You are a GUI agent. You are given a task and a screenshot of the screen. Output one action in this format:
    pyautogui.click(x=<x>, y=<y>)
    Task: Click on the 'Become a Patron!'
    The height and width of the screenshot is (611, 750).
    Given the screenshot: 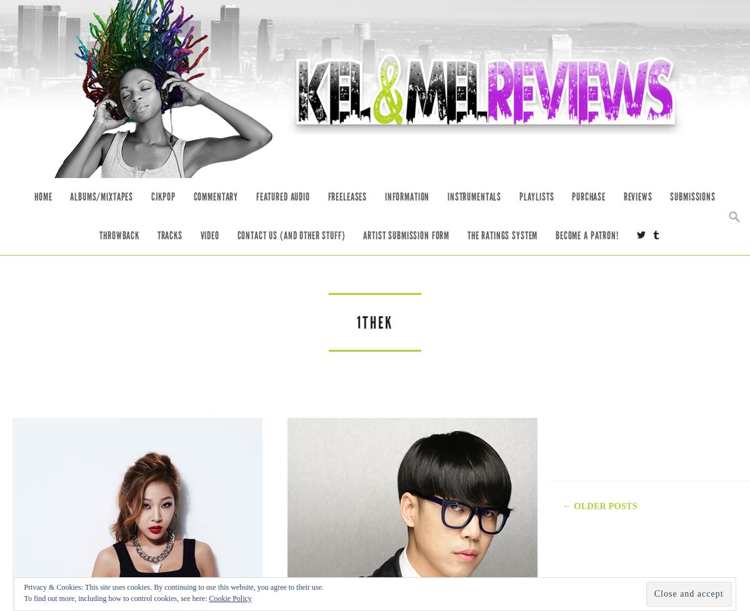 What is the action you would take?
    pyautogui.click(x=586, y=234)
    